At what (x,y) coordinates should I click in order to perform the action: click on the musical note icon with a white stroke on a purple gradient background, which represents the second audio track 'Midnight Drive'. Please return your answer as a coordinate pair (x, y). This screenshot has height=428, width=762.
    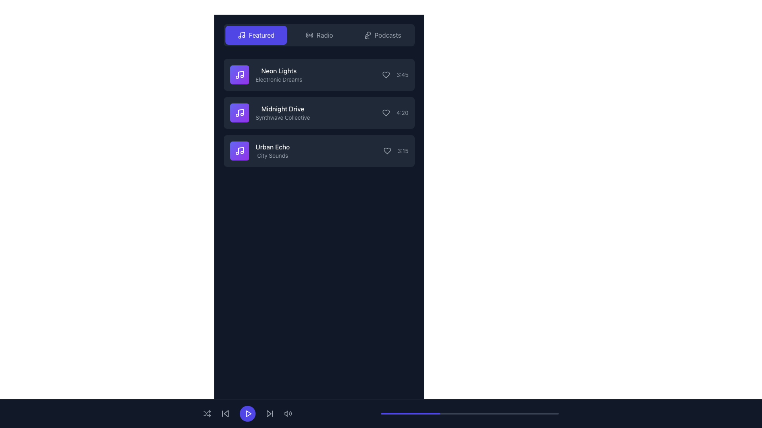
    Looking at the image, I should click on (239, 113).